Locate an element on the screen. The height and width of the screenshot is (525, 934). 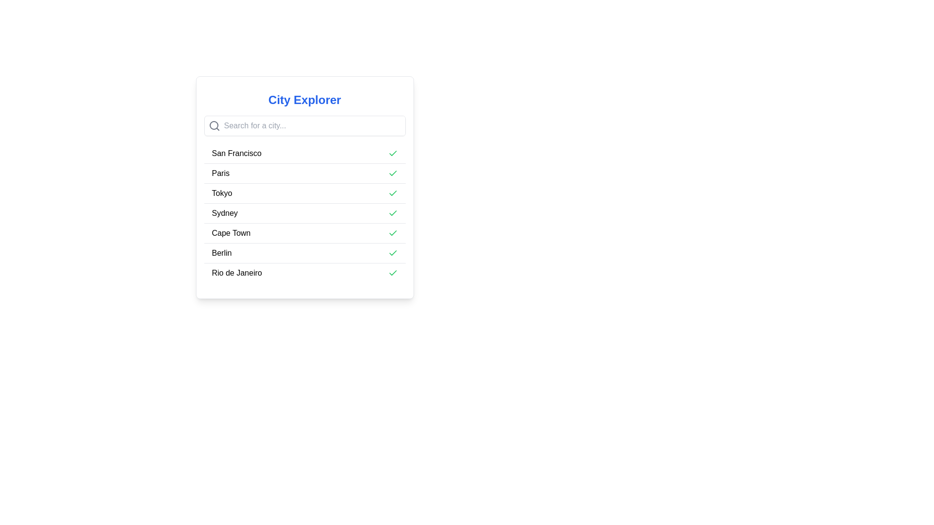
the List Item displaying 'Cape Town' in the 'City Explorer' section is located at coordinates (304, 233).